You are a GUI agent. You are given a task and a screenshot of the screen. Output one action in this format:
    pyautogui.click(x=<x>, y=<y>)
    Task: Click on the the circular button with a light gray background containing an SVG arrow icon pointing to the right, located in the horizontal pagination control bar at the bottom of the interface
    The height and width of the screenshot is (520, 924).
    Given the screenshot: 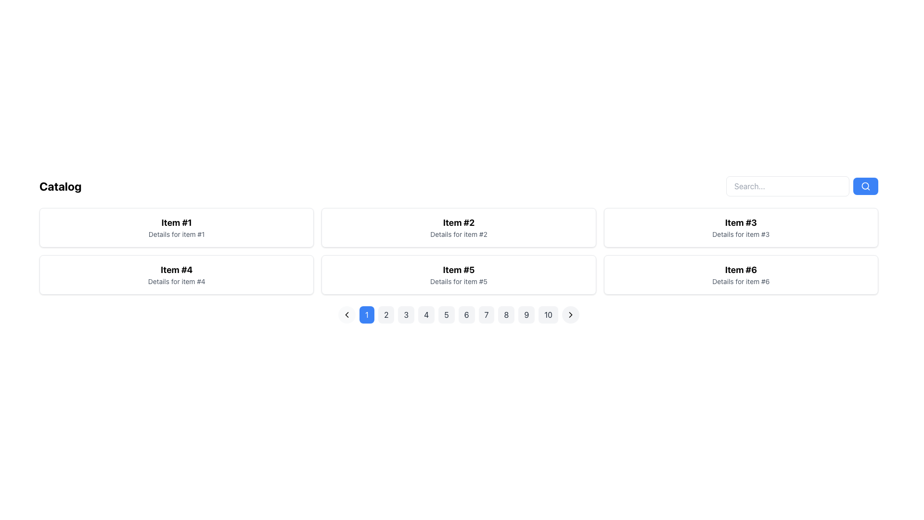 What is the action you would take?
    pyautogui.click(x=570, y=315)
    